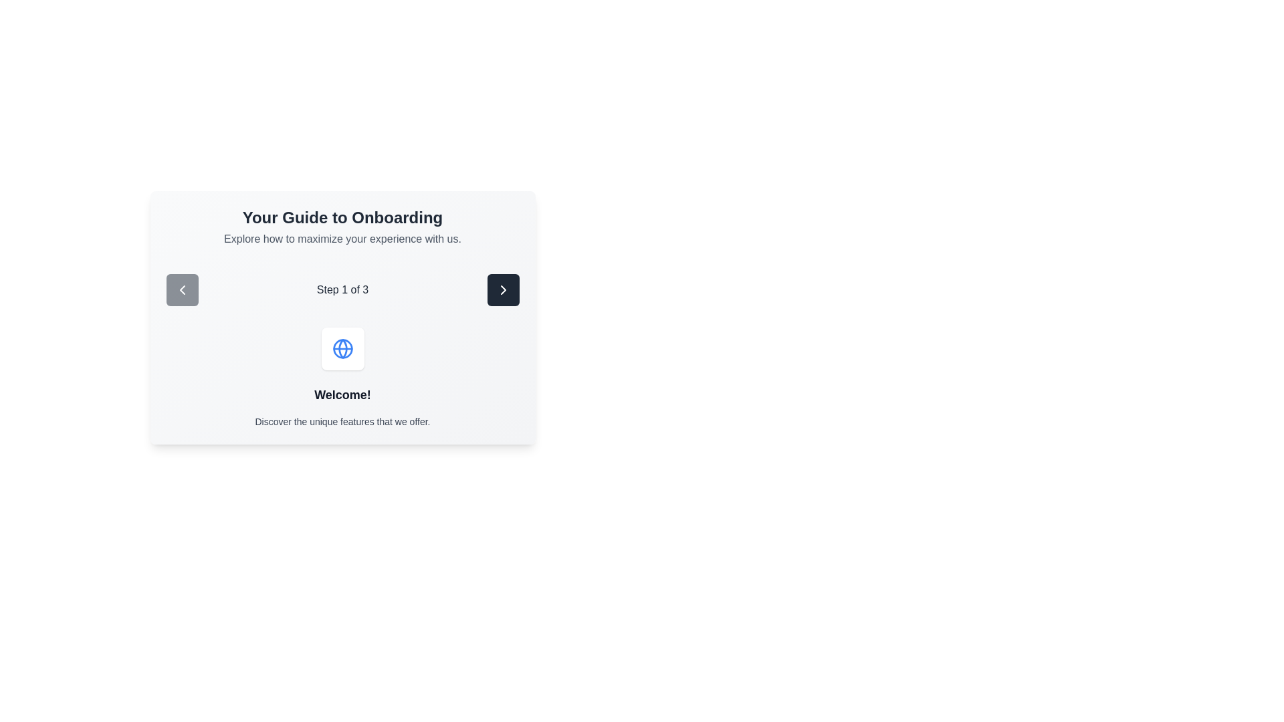 The image size is (1284, 722). Describe the element at coordinates (342, 289) in the screenshot. I see `the static text label displaying 'Step 1 of 3' which is centered within the layout of the top section of the page` at that location.